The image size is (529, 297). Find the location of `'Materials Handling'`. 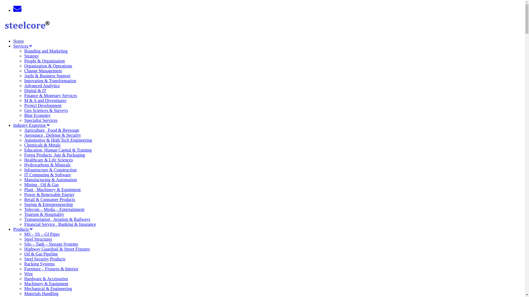

'Materials Handling' is located at coordinates (41, 293).